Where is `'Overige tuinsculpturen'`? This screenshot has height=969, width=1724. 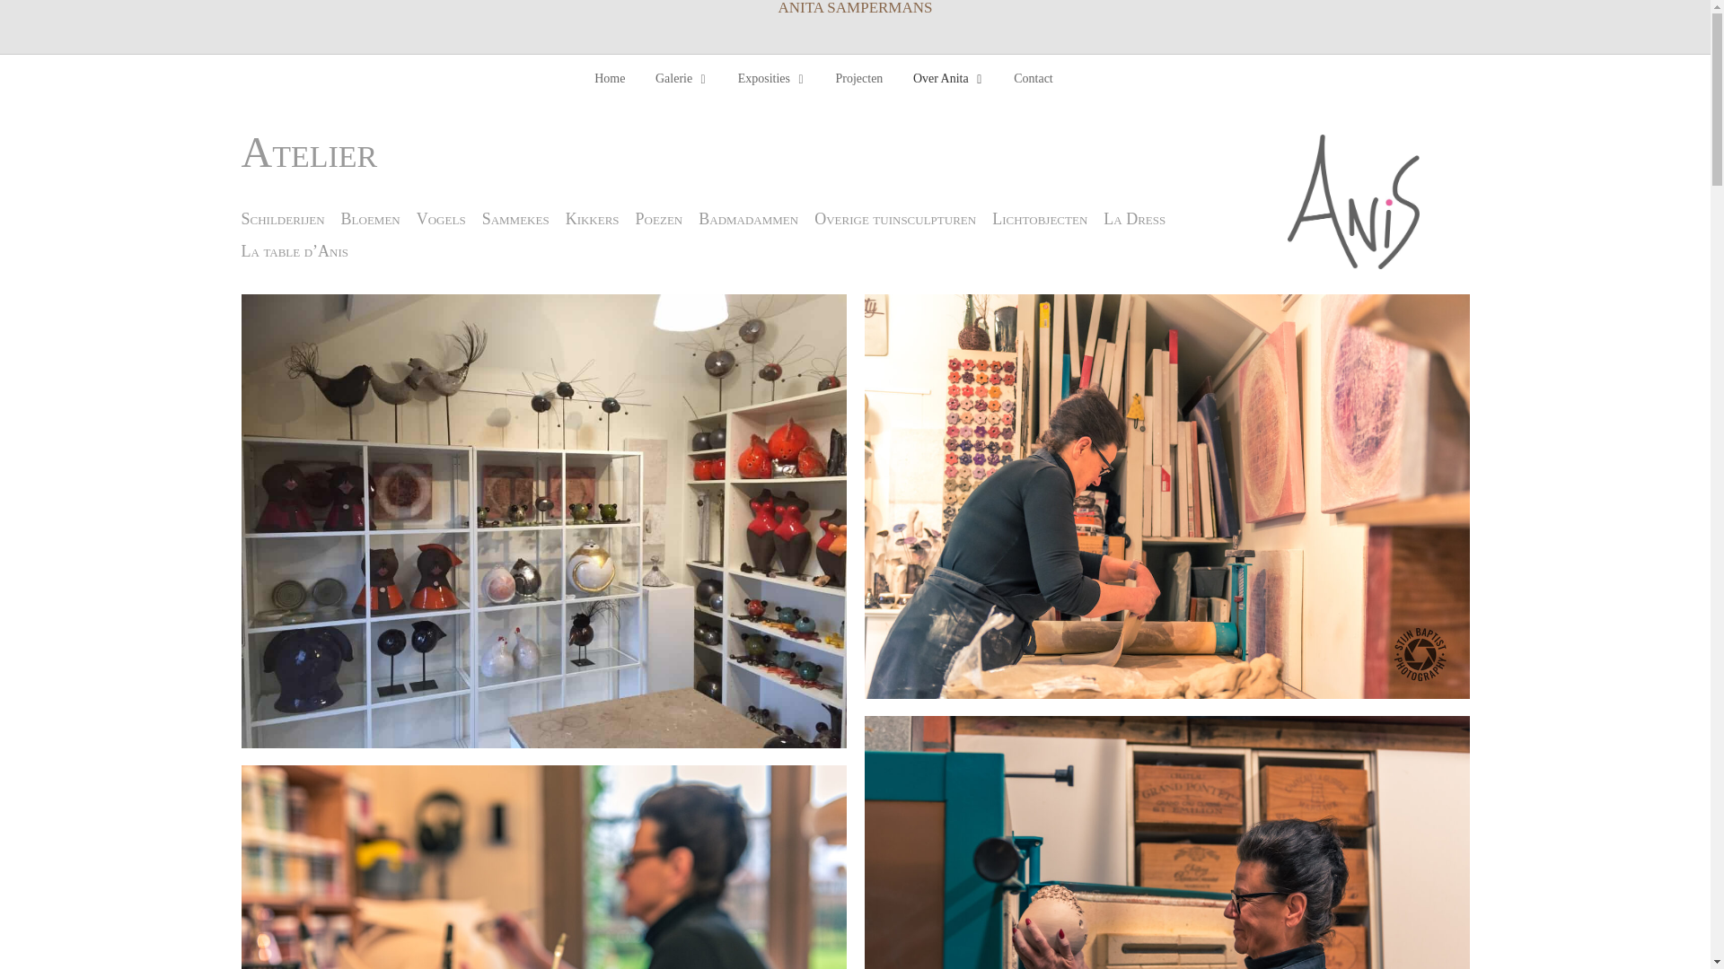 'Overige tuinsculpturen' is located at coordinates (895, 217).